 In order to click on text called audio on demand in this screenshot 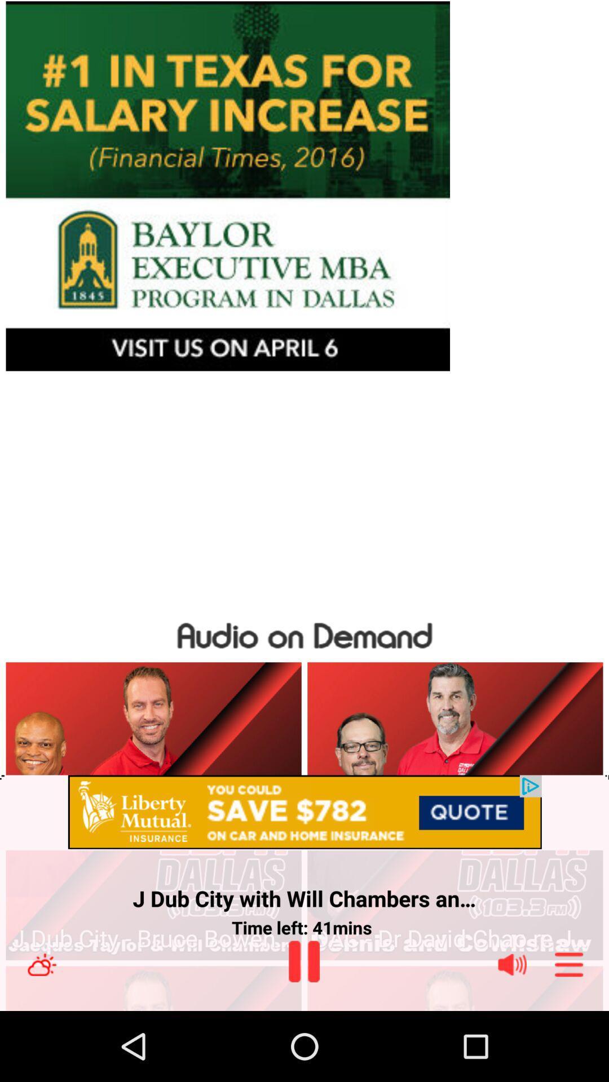, I will do `click(304, 633)`.